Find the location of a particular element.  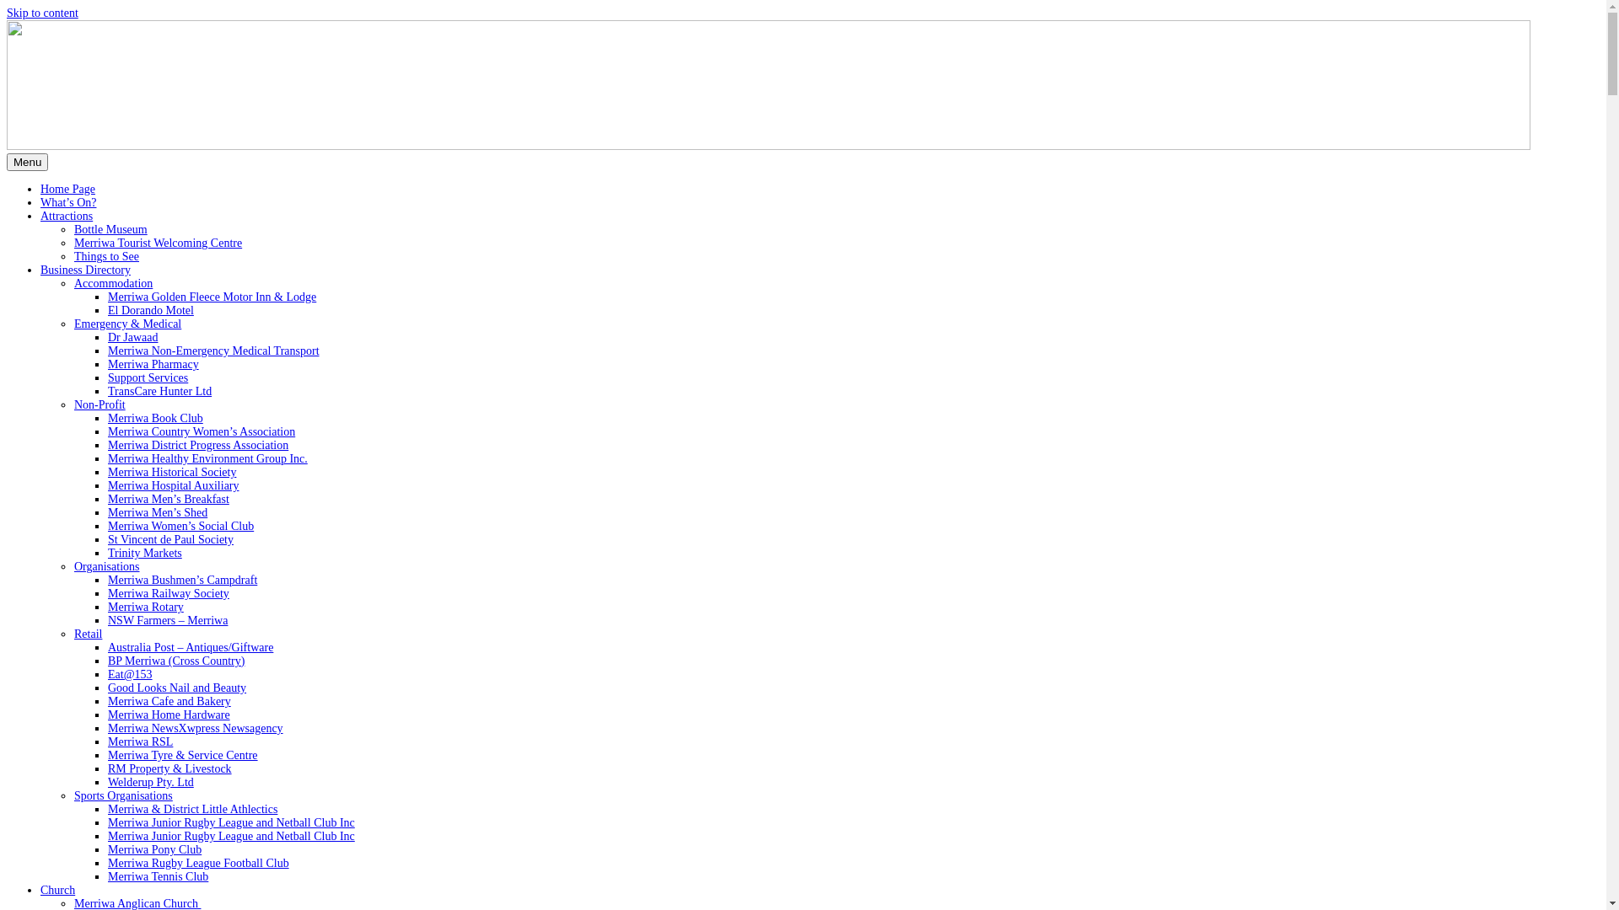

'Skip to content' is located at coordinates (7, 13).